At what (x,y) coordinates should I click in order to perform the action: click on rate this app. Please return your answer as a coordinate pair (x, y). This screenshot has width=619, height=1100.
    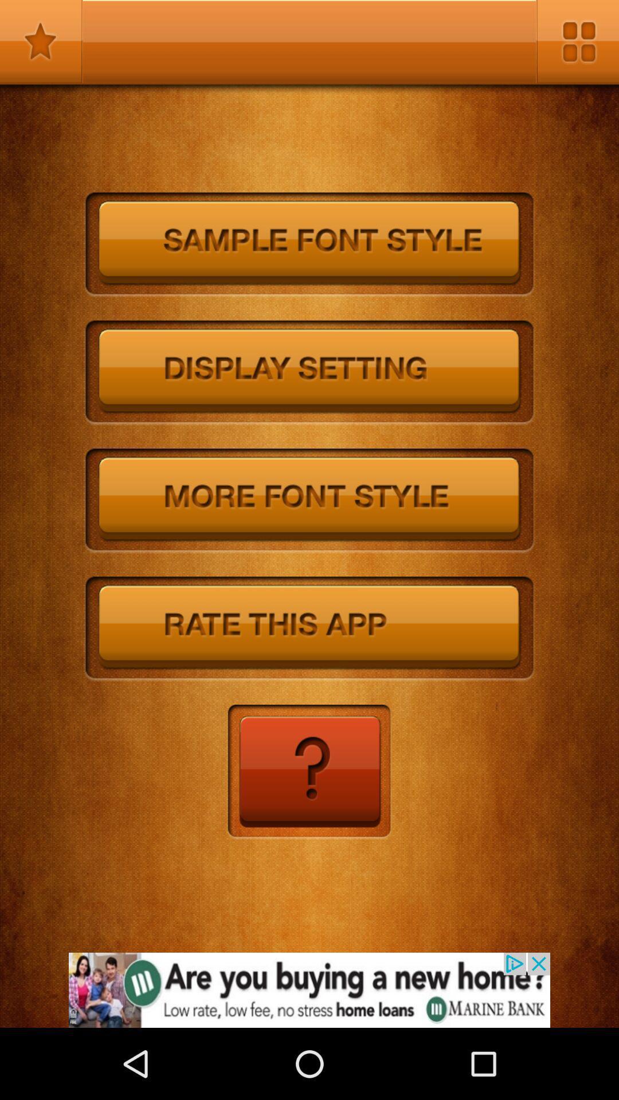
    Looking at the image, I should click on (309, 628).